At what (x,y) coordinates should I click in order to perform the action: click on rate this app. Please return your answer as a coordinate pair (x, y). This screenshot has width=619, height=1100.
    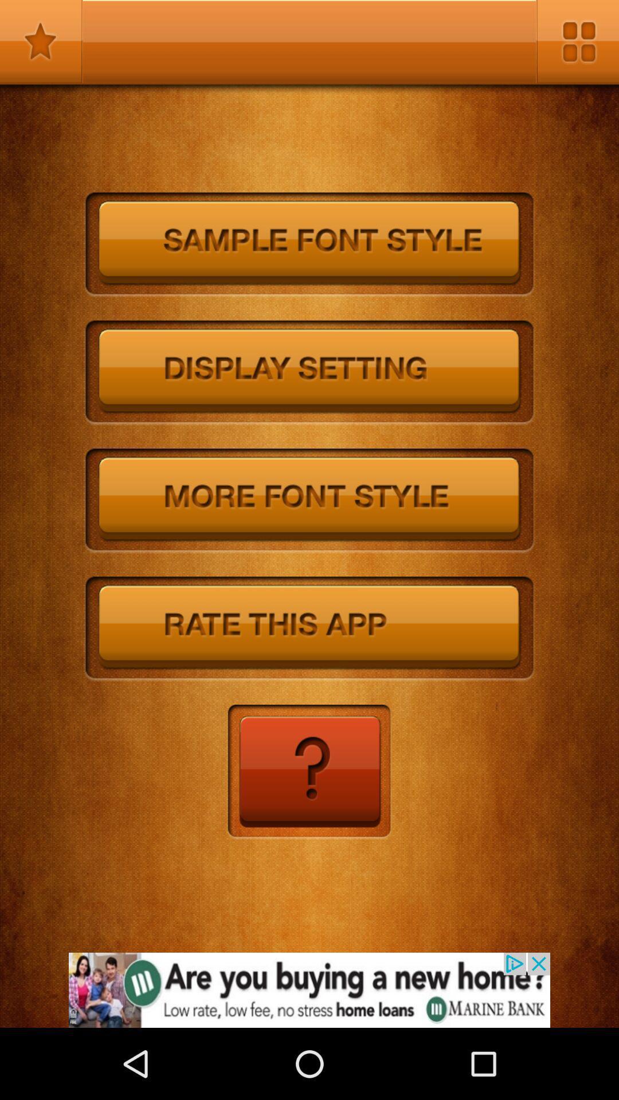
    Looking at the image, I should click on (309, 628).